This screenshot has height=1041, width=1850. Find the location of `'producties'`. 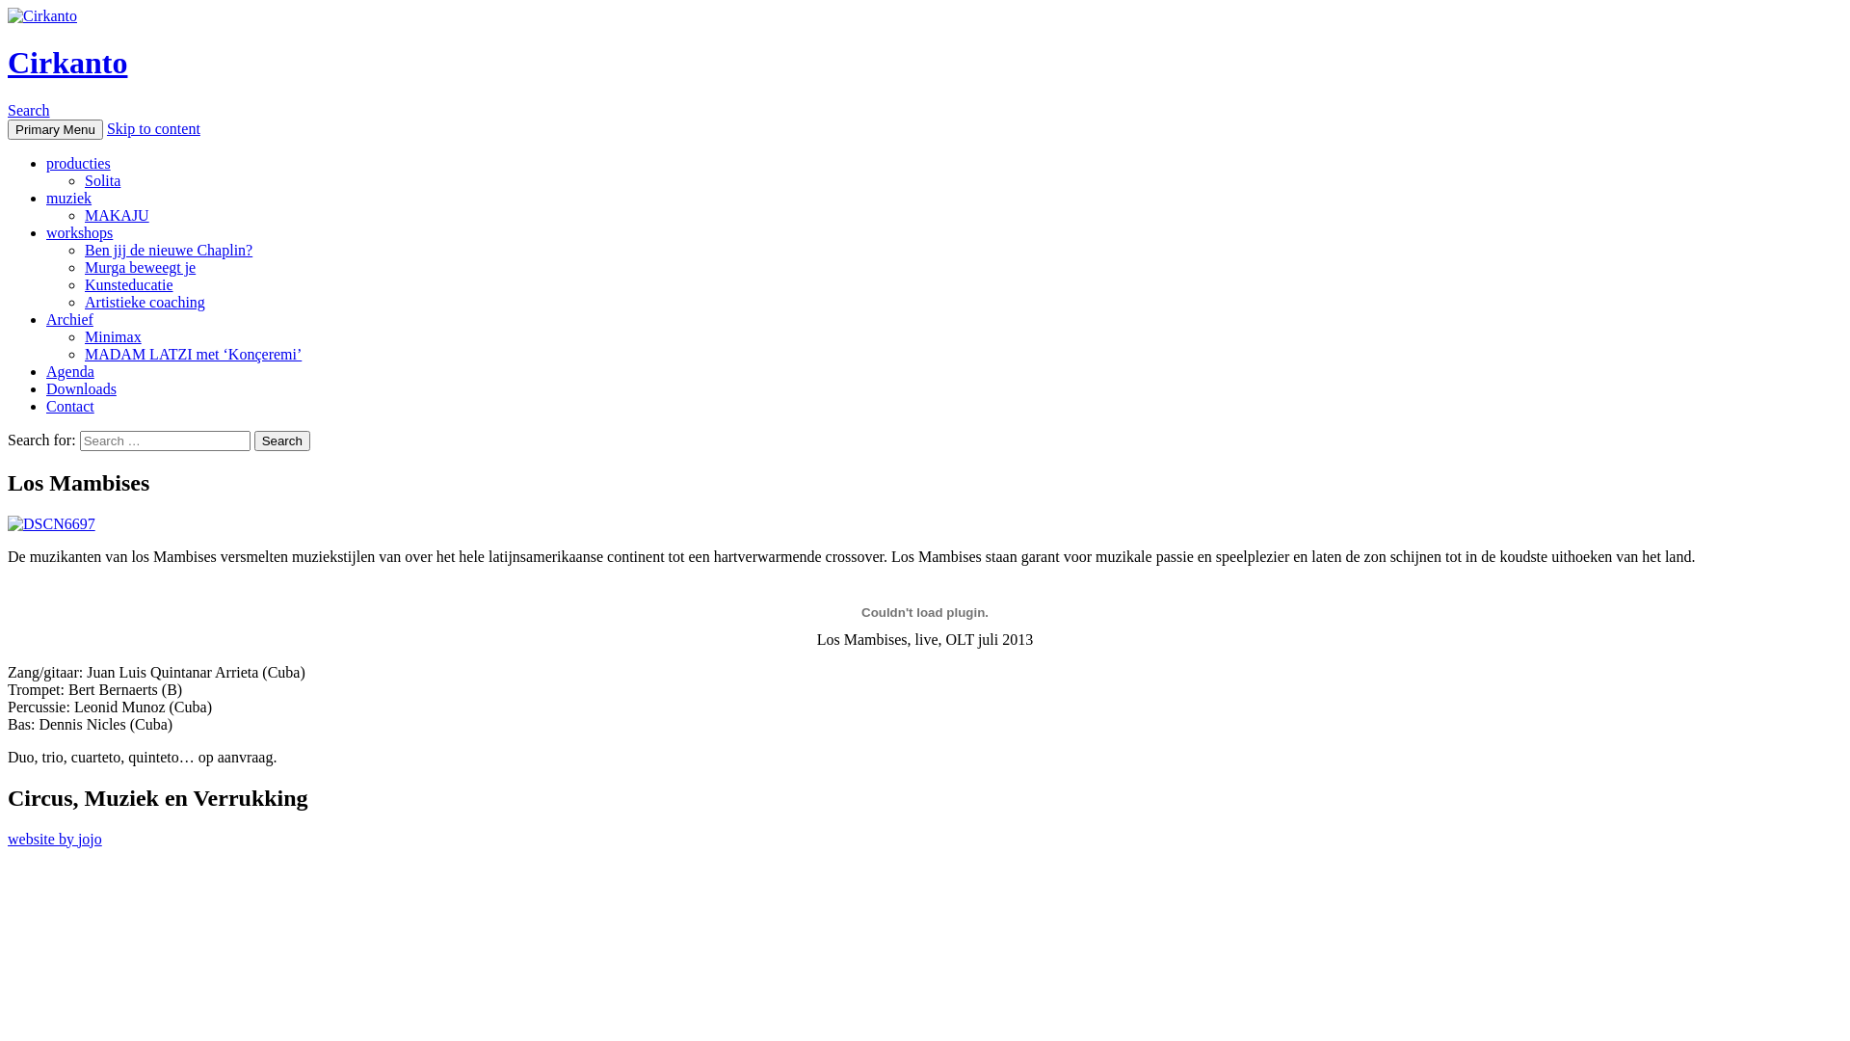

'producties' is located at coordinates (46, 162).